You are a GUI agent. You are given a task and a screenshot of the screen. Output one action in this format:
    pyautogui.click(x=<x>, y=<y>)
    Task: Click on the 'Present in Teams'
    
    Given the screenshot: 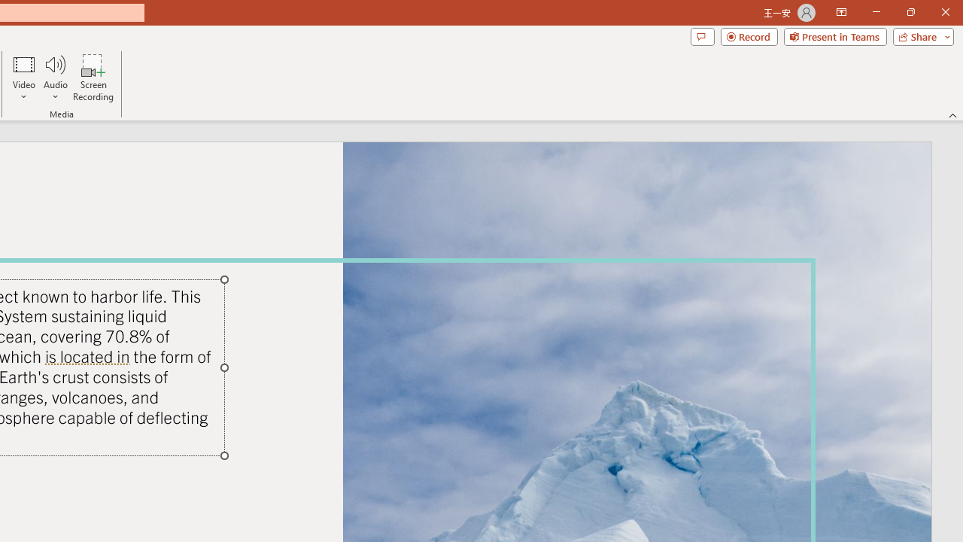 What is the action you would take?
    pyautogui.click(x=834, y=35)
    